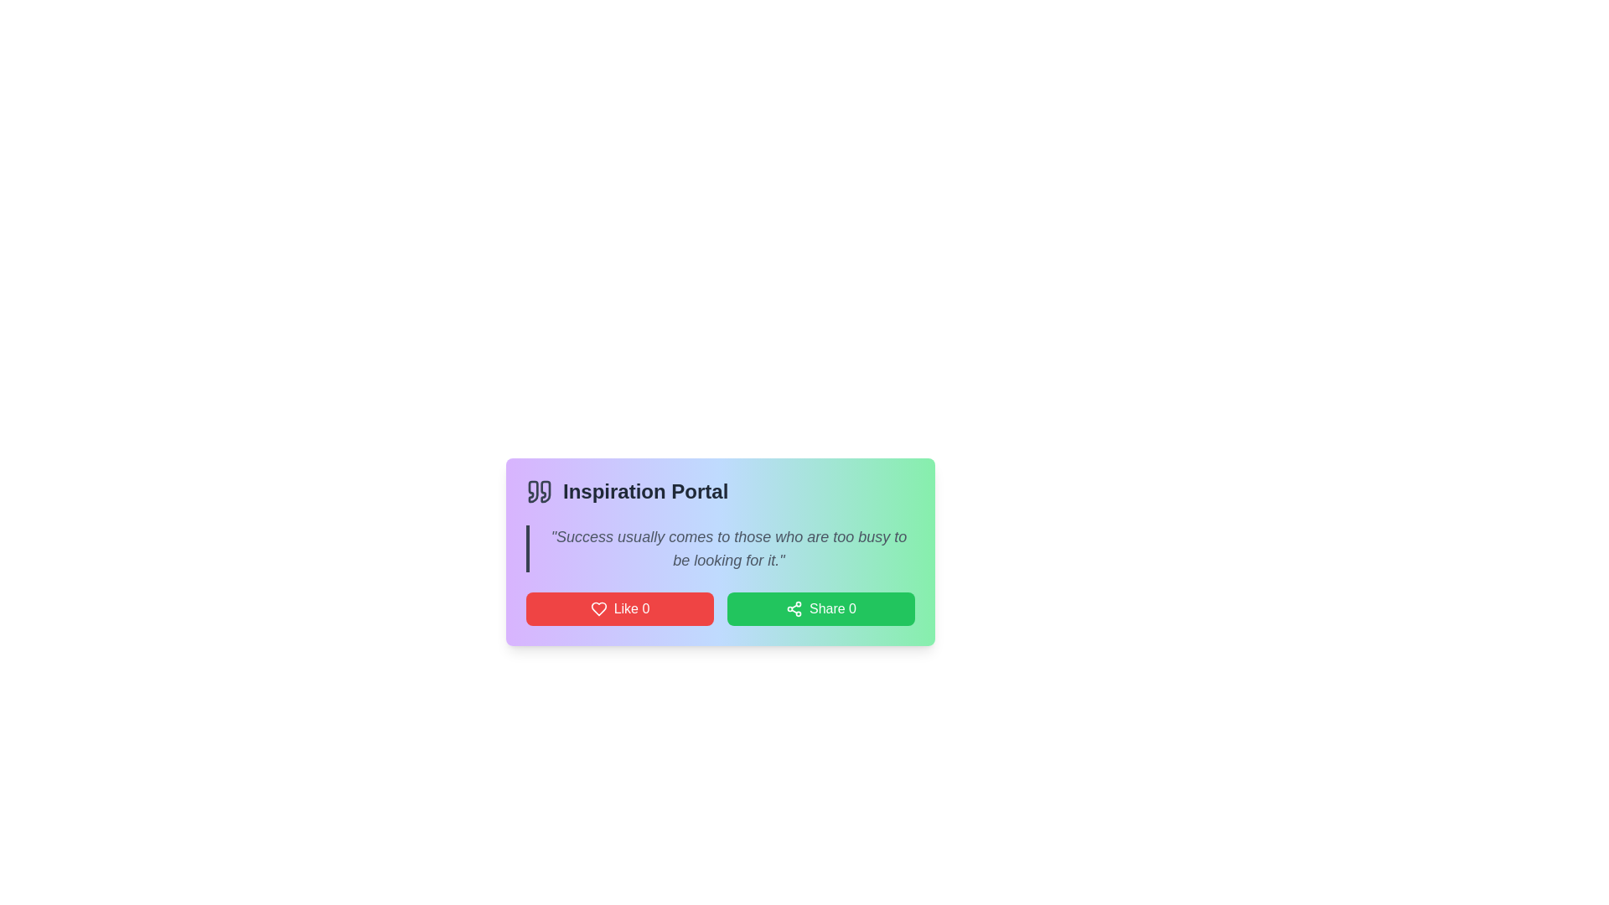  Describe the element at coordinates (598, 608) in the screenshot. I see `the heart icon within the red button labeled 'Like 0' located at the bottom-left corner of the card` at that location.